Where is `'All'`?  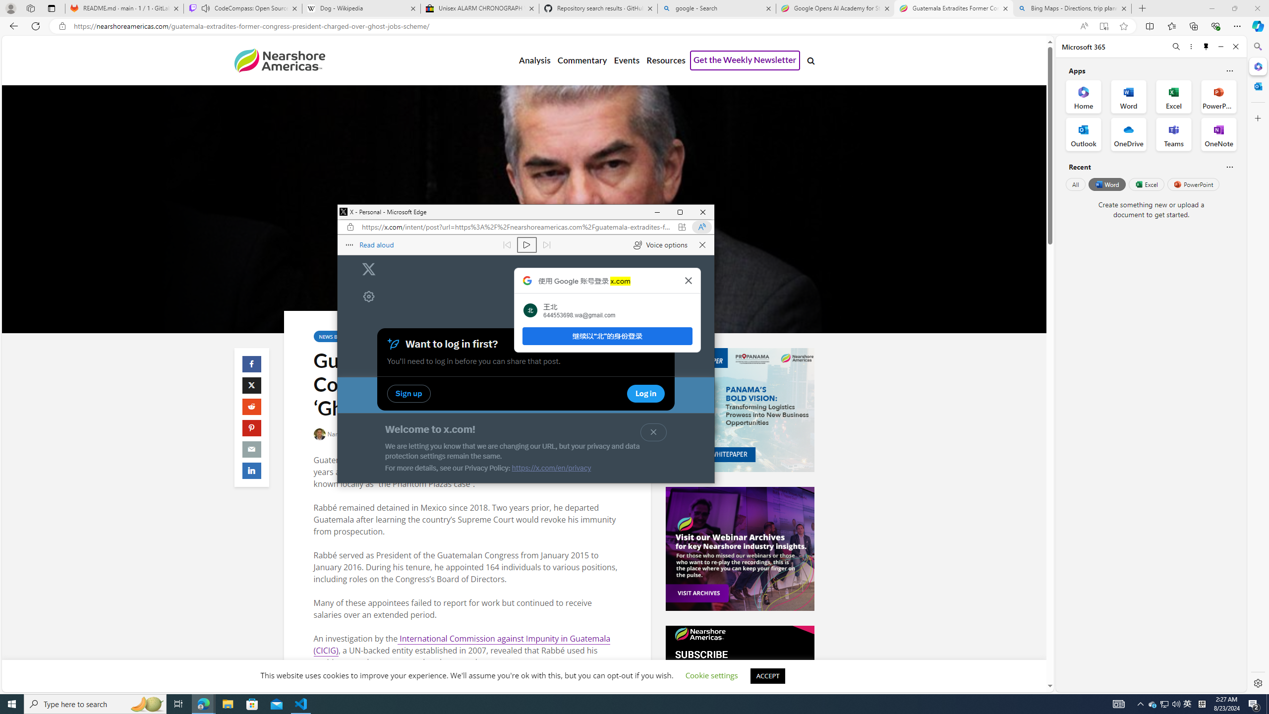
'All' is located at coordinates (1075, 184).